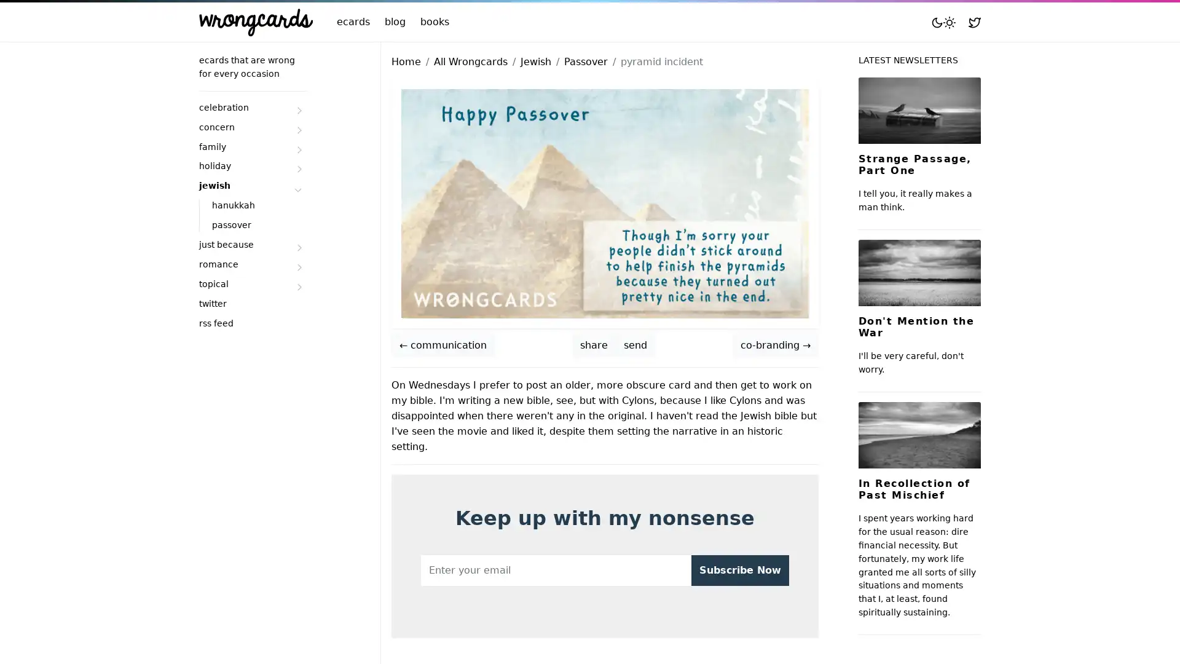  Describe the element at coordinates (442, 345) in the screenshot. I see `communication` at that location.